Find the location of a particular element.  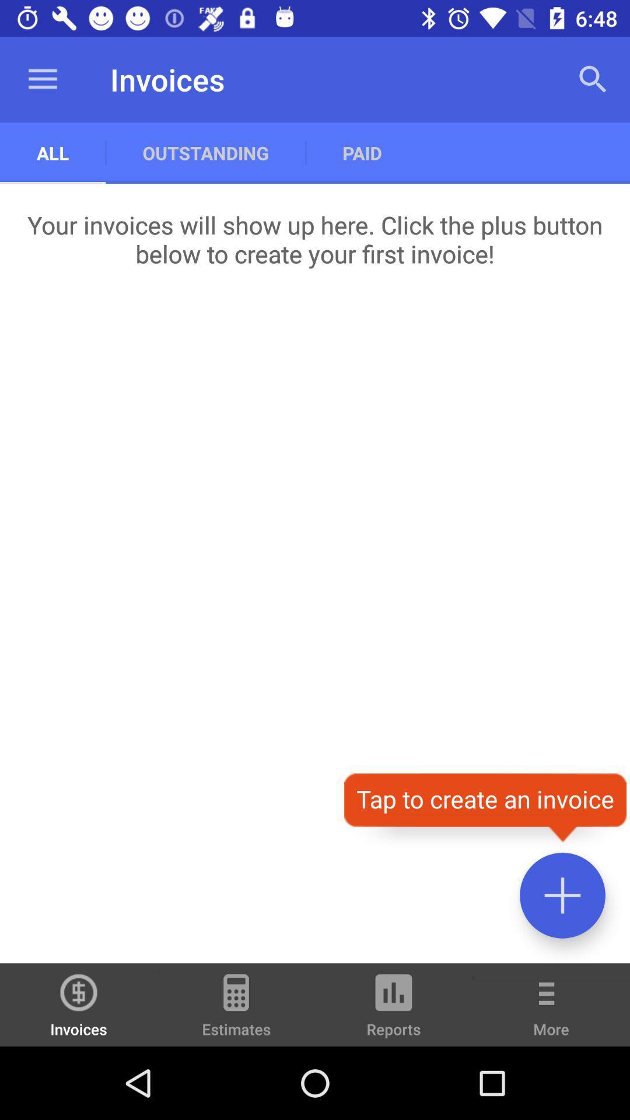

the icon above the your invoices will item is located at coordinates (205, 152).